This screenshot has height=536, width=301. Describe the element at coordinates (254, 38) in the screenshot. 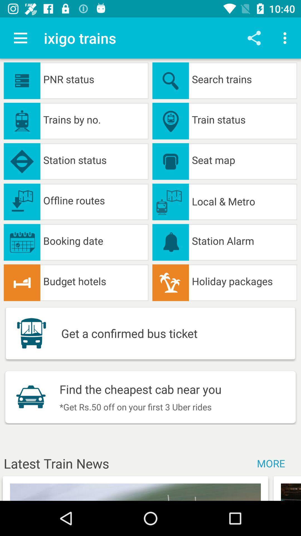

I see `share button` at that location.